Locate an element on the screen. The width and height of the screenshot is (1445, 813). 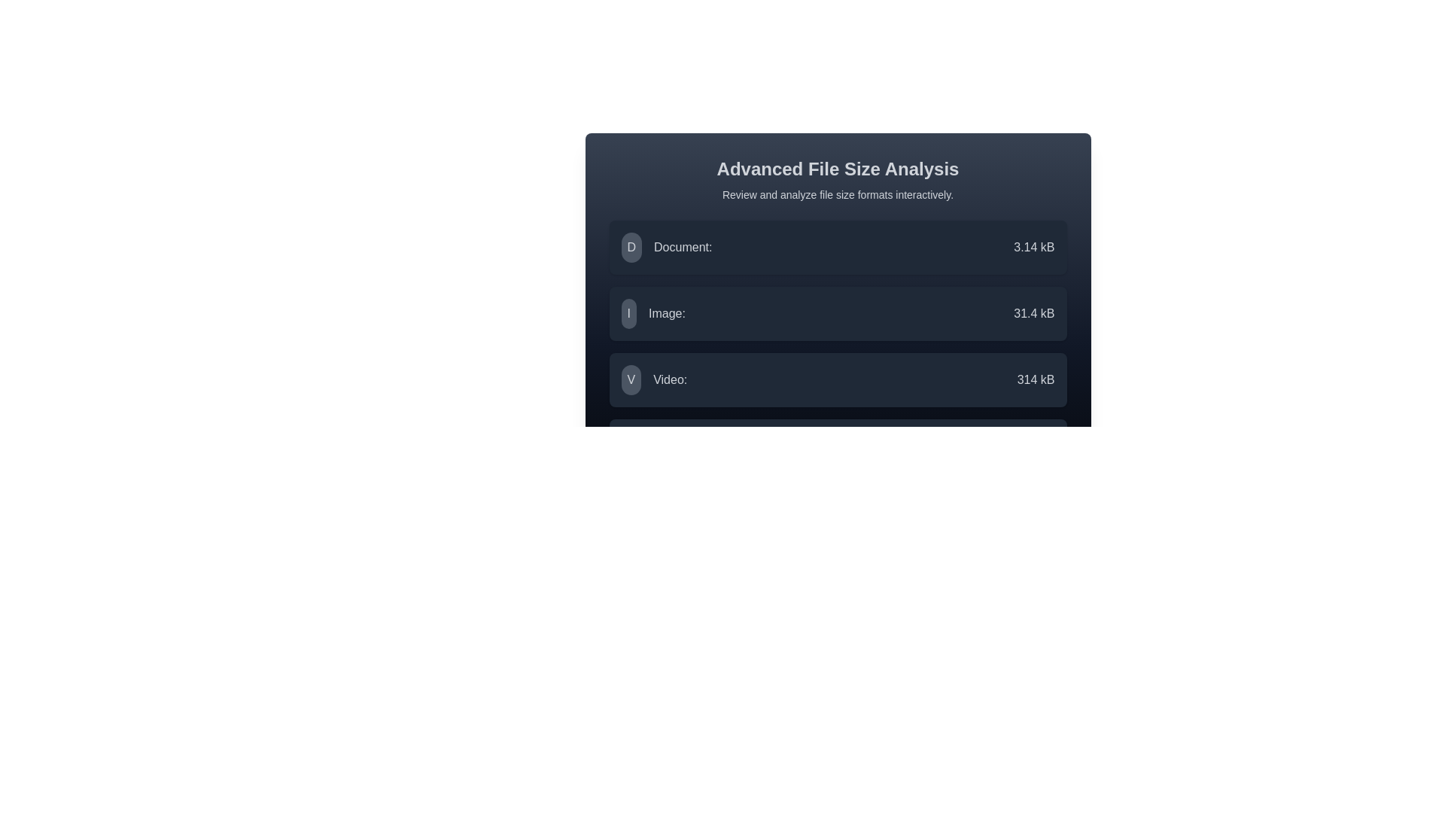
the text label indicating documents in the 'Advanced File Size Analysis' section, located to the right of the circular icon with the letter 'D' is located at coordinates (682, 246).